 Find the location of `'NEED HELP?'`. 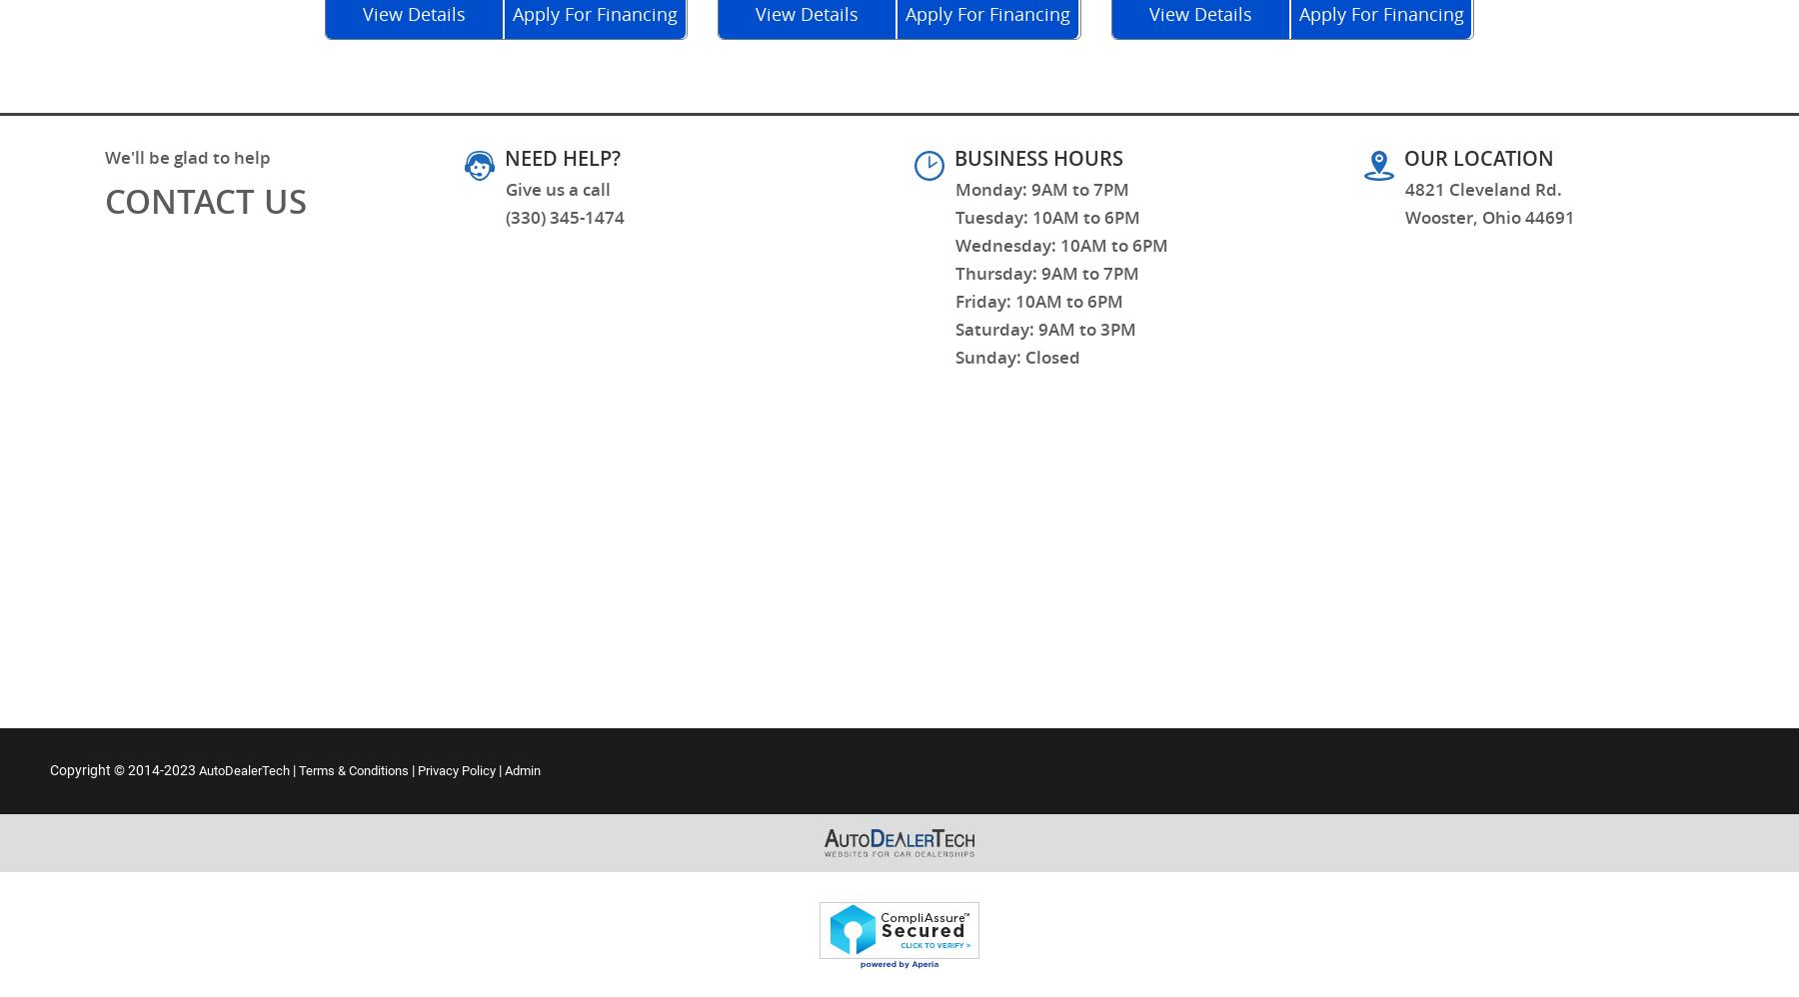

'NEED HELP?' is located at coordinates (562, 157).